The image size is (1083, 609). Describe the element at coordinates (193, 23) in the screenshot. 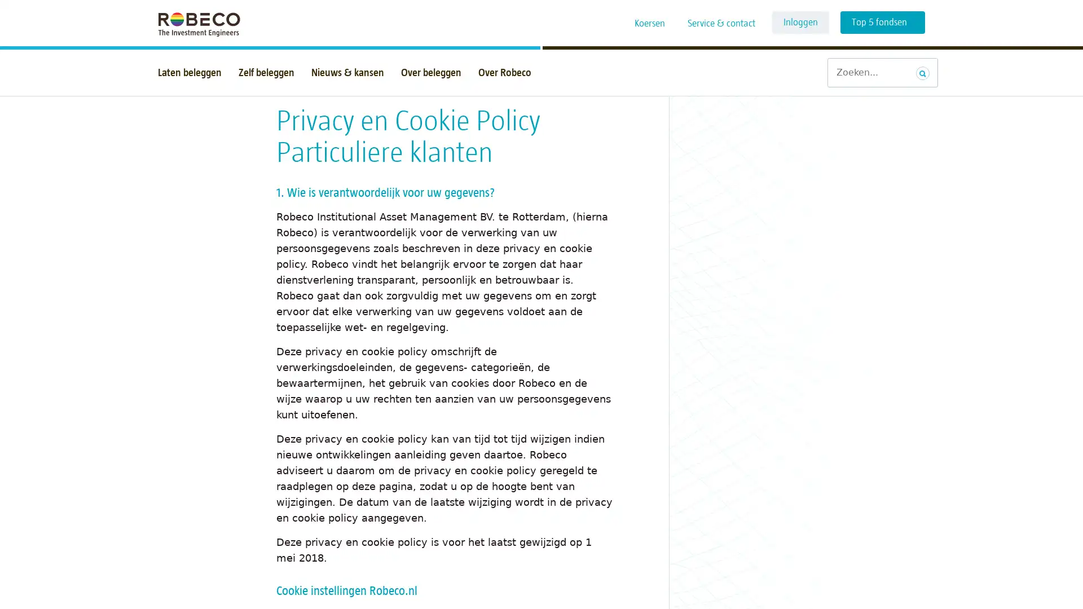

I see `Robeco logo` at that location.